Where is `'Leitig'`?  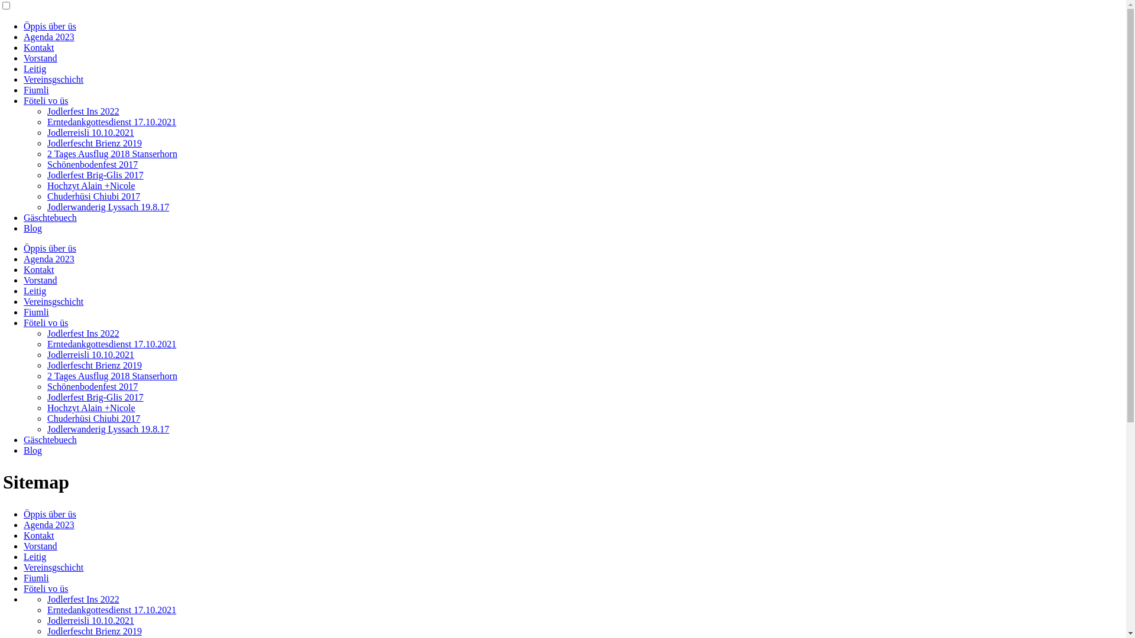 'Leitig' is located at coordinates (34, 556).